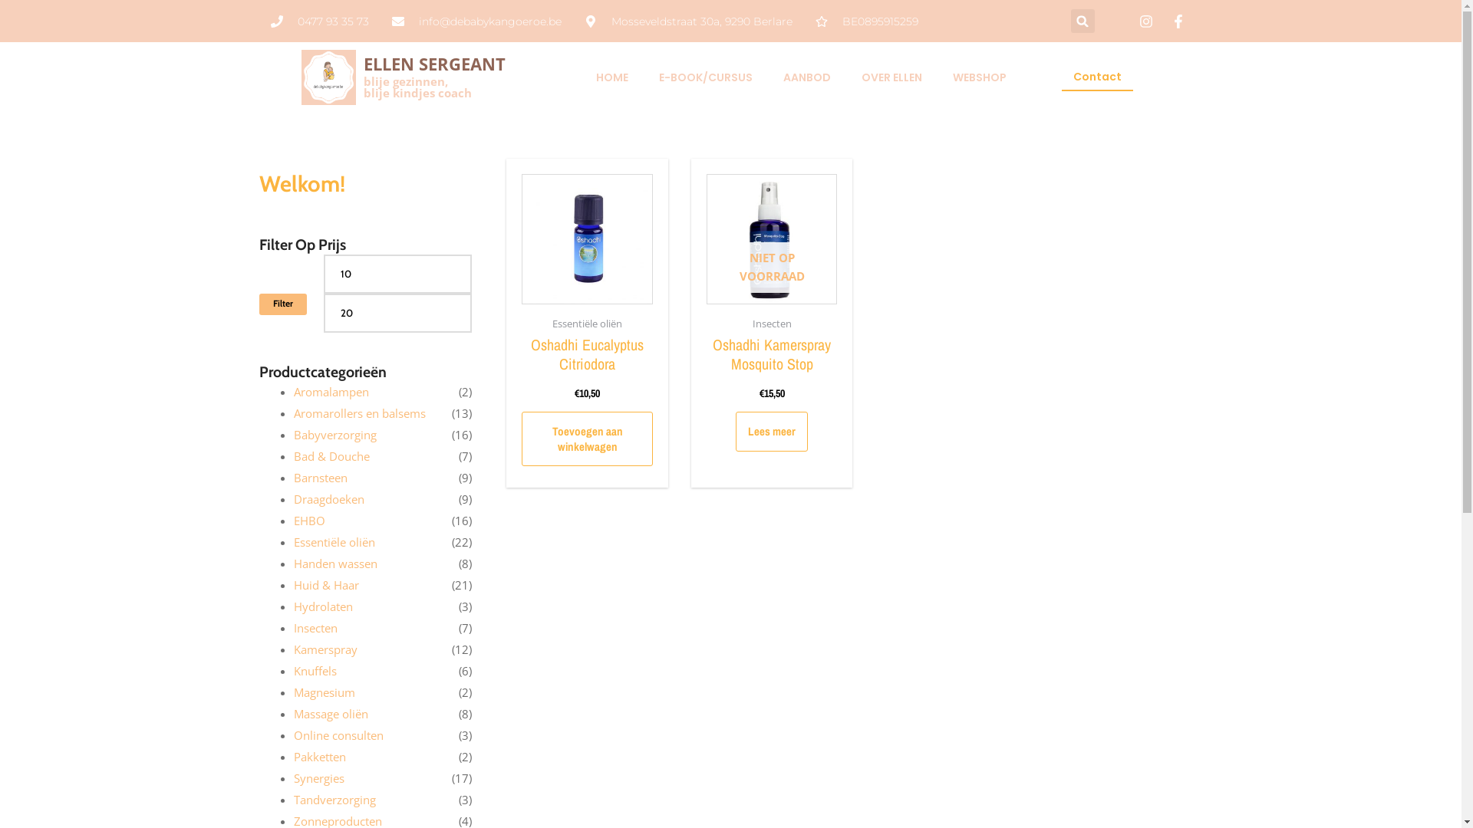 The height and width of the screenshot is (828, 1473). Describe the element at coordinates (611, 77) in the screenshot. I see `'HOME'` at that location.